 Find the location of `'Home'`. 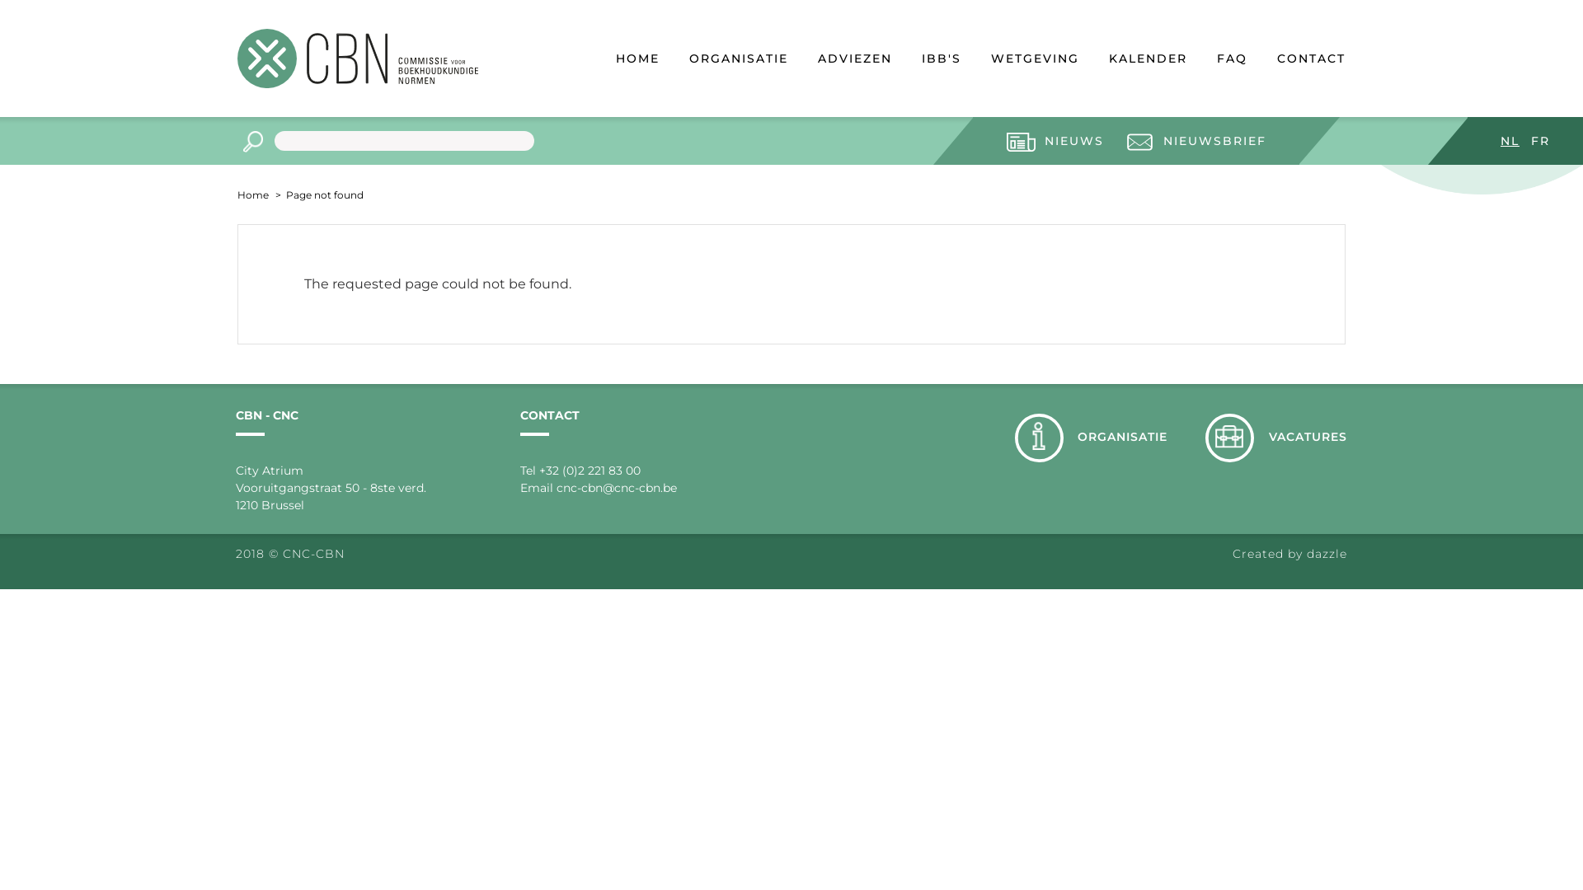

'Home' is located at coordinates (237, 194).